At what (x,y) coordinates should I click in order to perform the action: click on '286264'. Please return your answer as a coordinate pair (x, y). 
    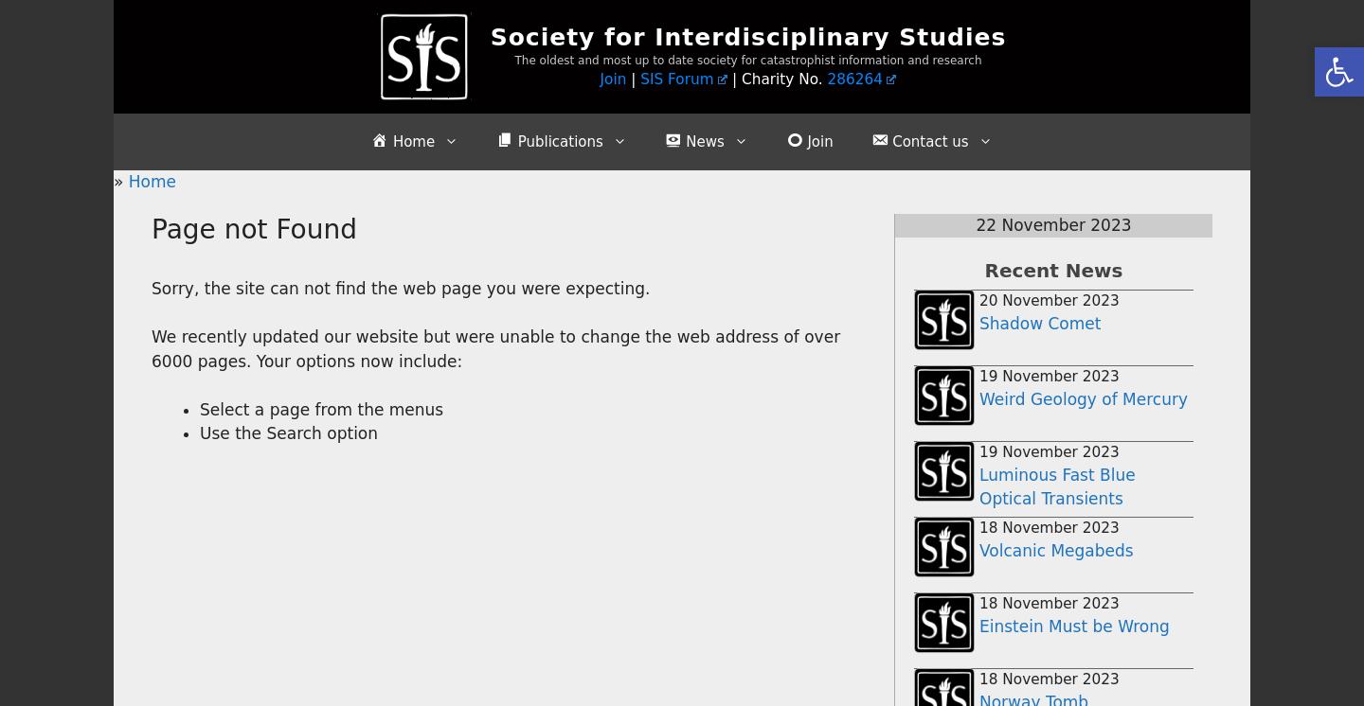
    Looking at the image, I should click on (854, 79).